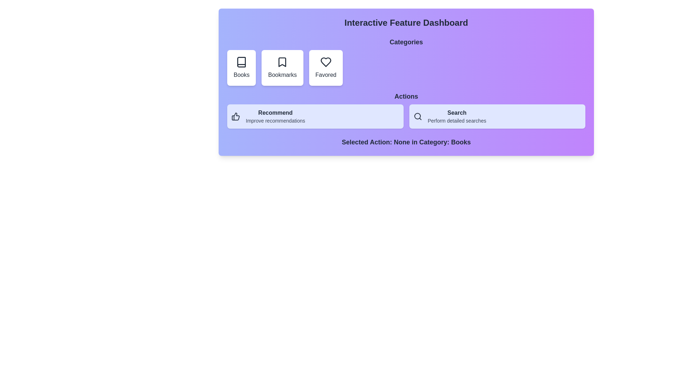 This screenshot has width=687, height=386. What do you see at coordinates (235, 116) in the screenshot?
I see `the 'Recommendation' icon located inside the 'Recommend' action button, which is positioned on the left side of the button content, preceding the text 'Recommend'` at bounding box center [235, 116].